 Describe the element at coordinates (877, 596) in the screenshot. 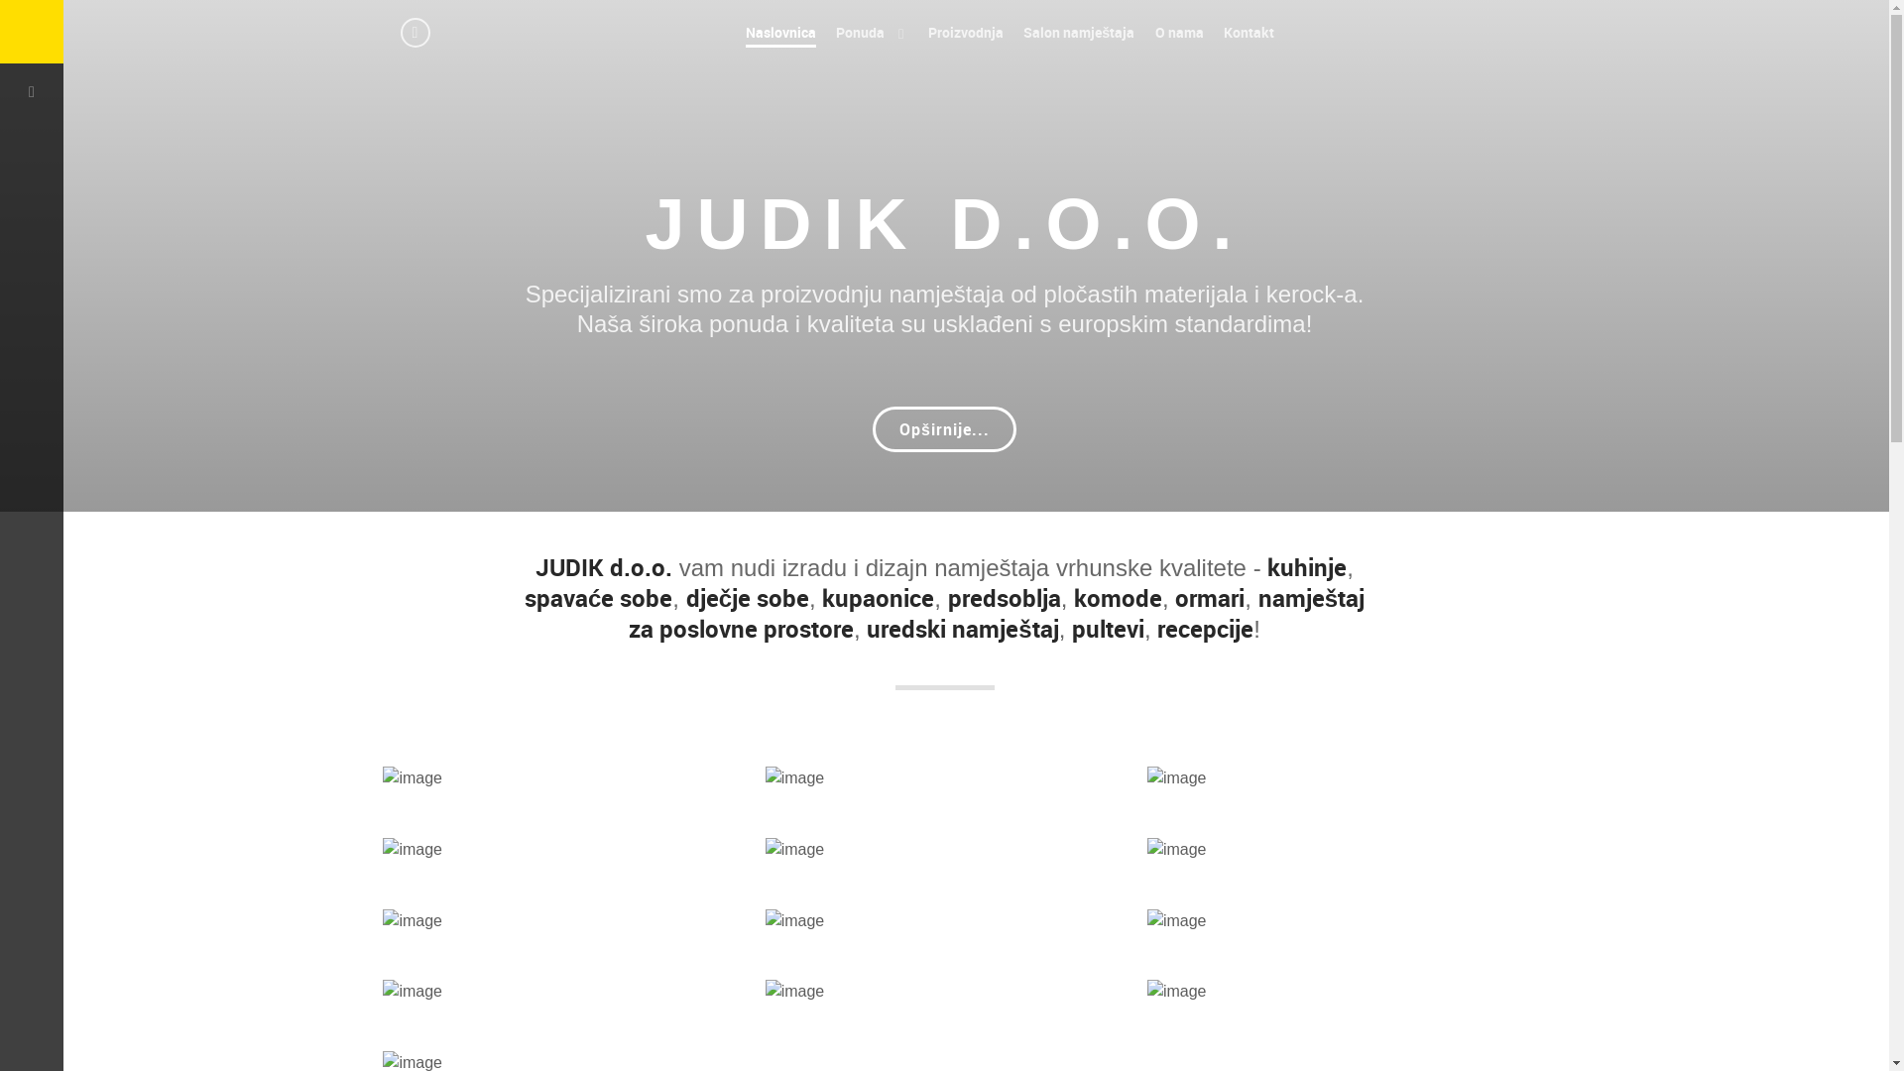

I see `'kupaonice'` at that location.